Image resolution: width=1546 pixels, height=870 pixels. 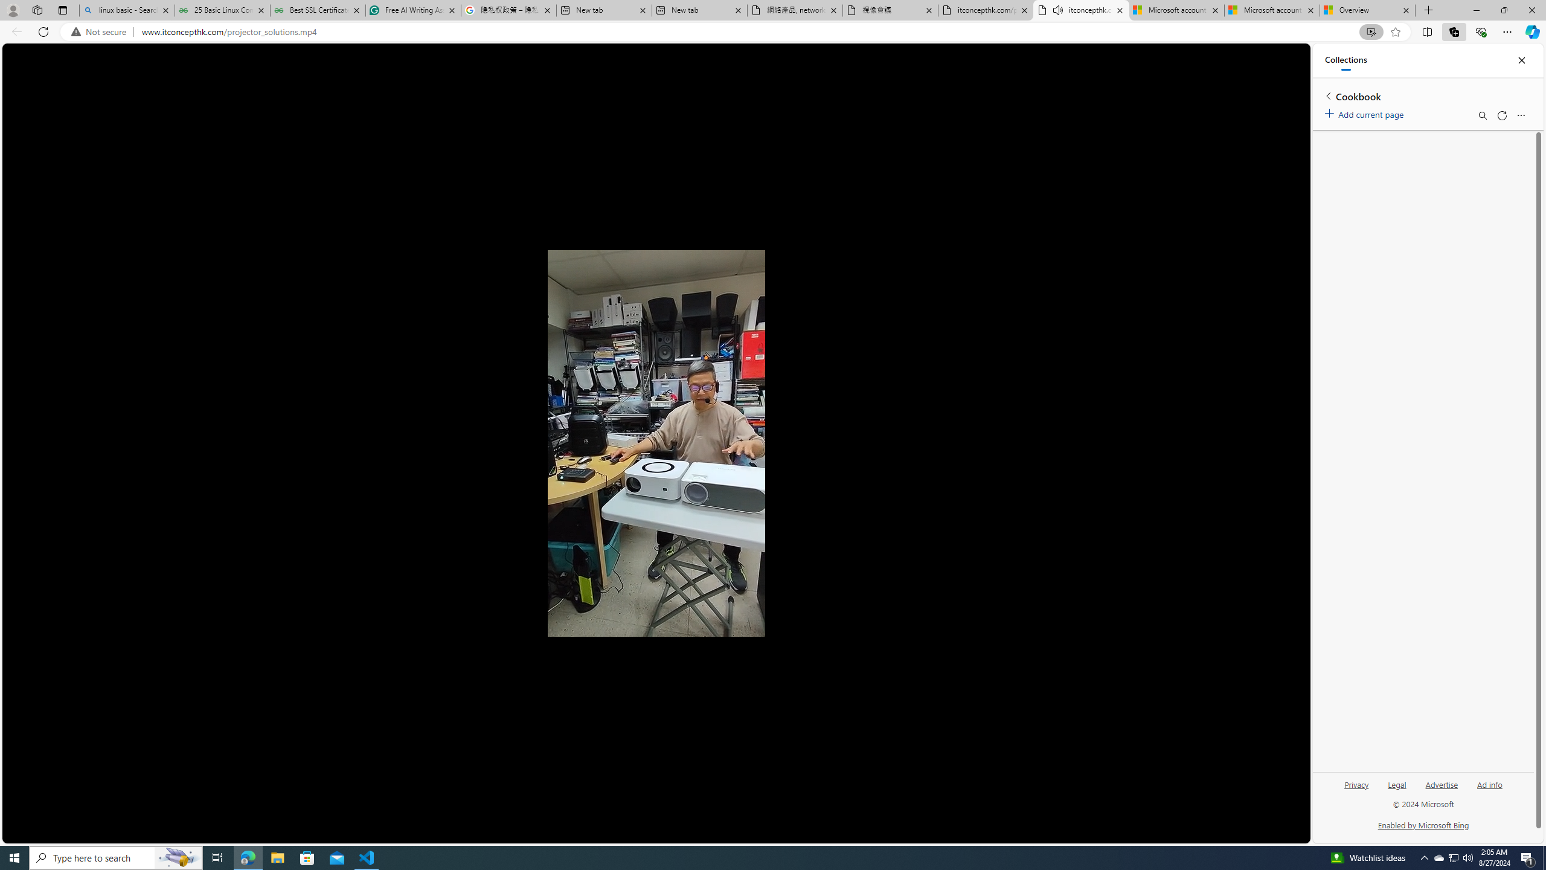 I want to click on 'Add current page', so click(x=1366, y=111).